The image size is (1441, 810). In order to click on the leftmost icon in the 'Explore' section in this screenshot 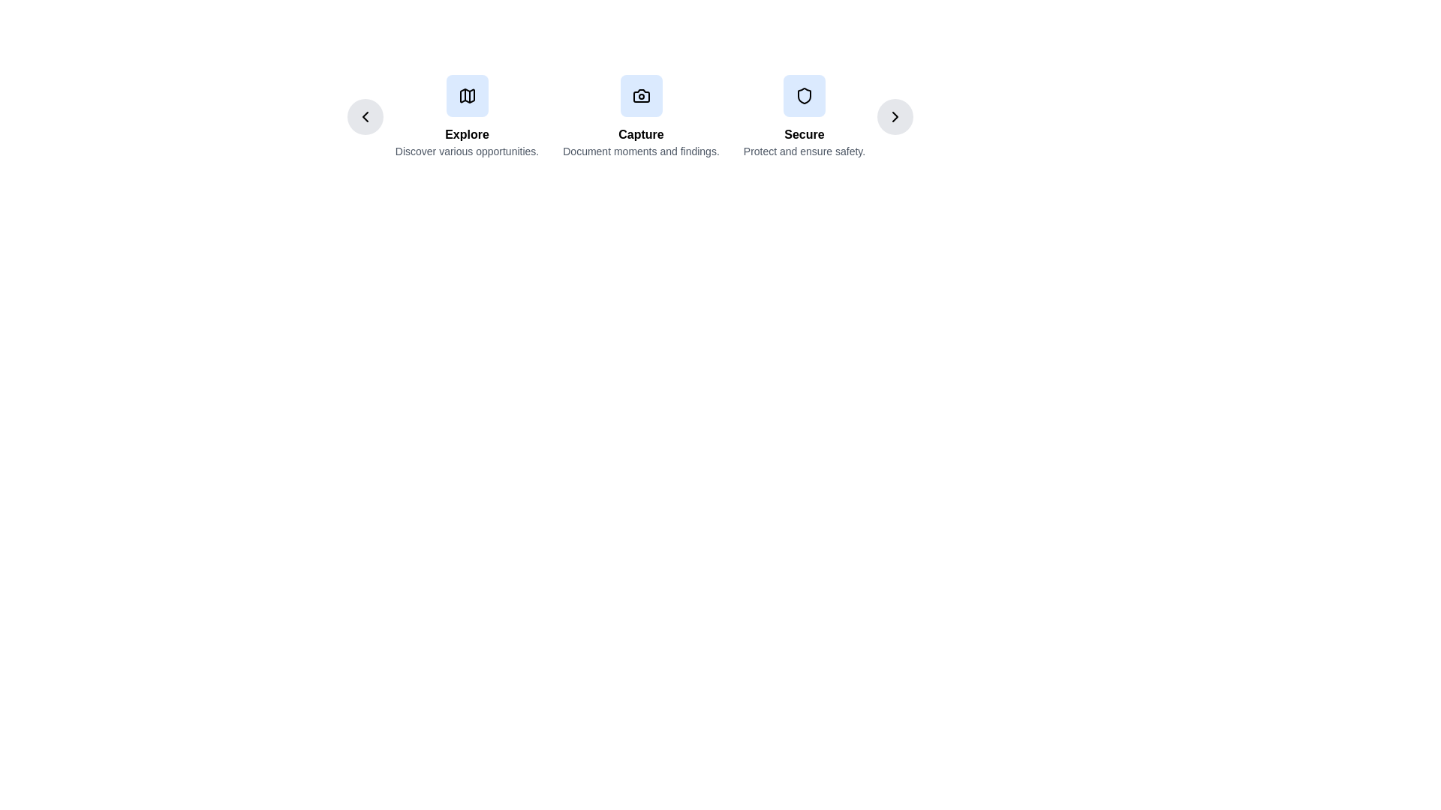, I will do `click(466, 95)`.